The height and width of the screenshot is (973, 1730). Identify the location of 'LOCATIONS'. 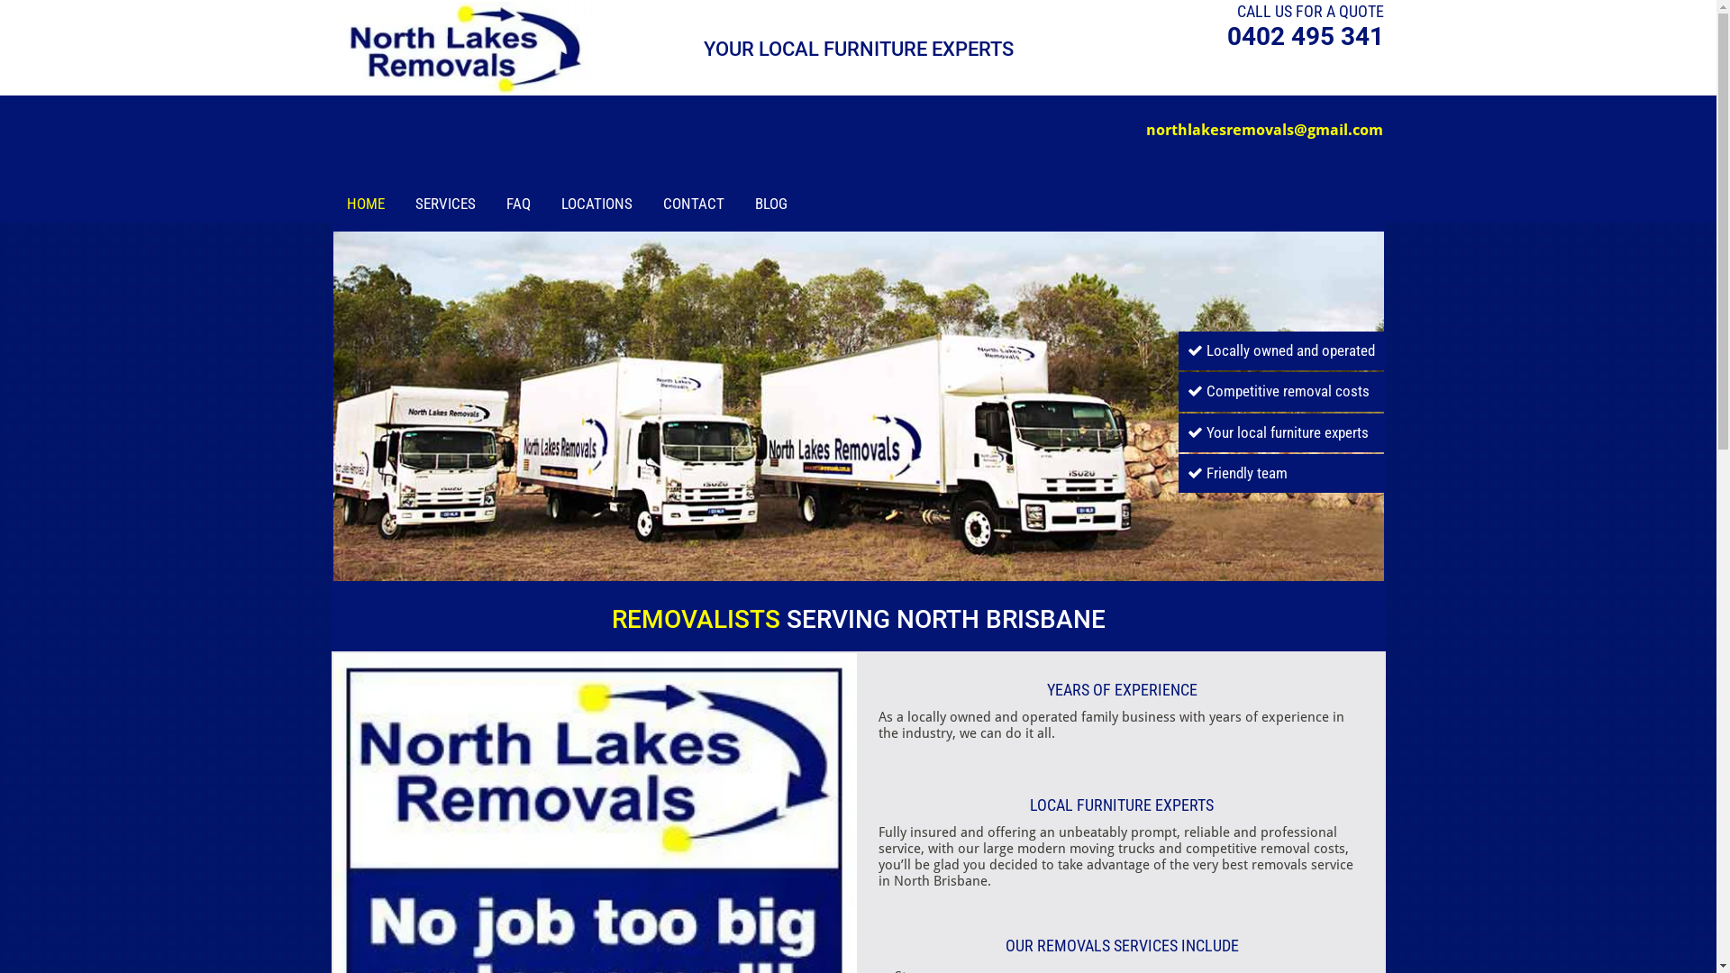
(596, 203).